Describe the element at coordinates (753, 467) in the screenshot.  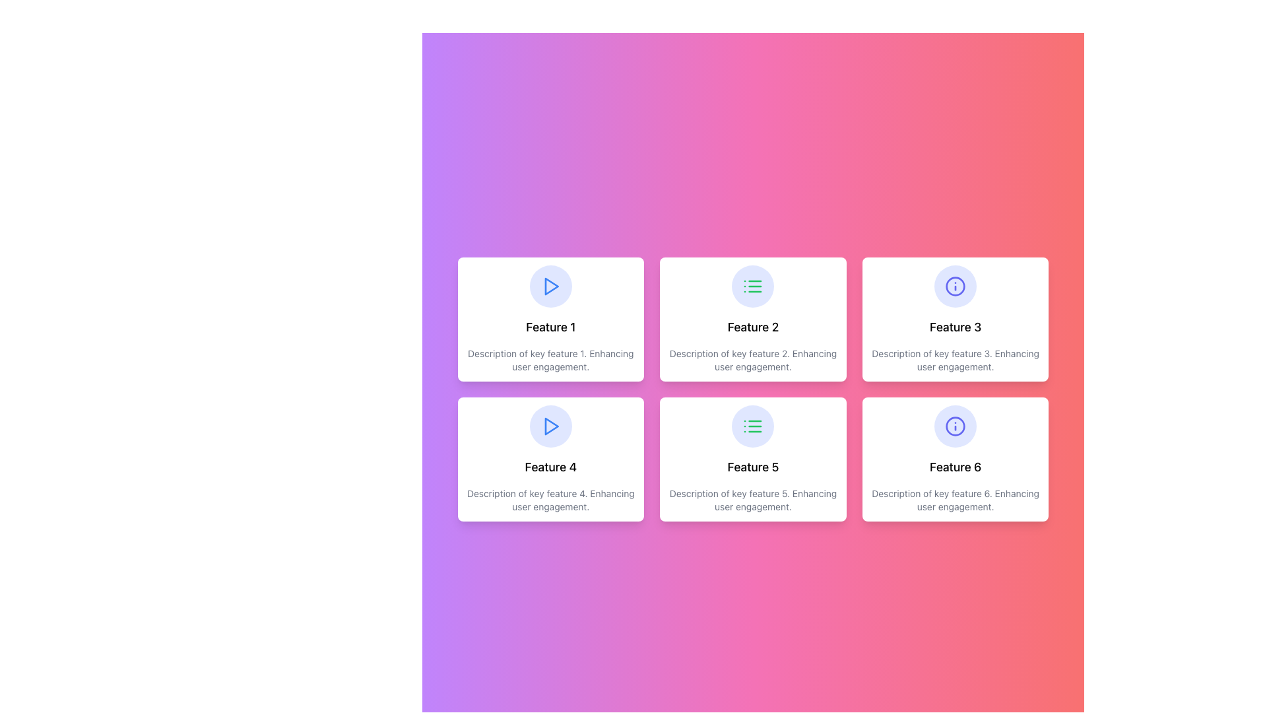
I see `the title text element of the card, which is centrally located in the second row, second column of a two-row, three-column grid layout` at that location.